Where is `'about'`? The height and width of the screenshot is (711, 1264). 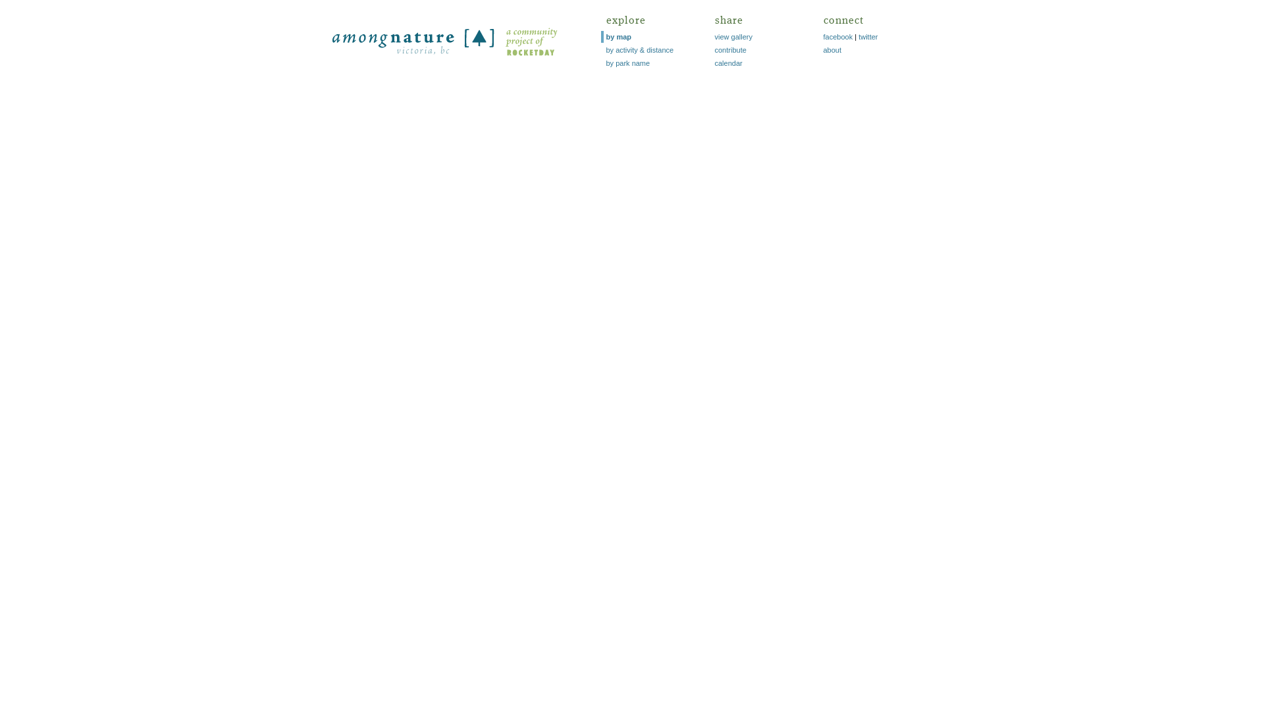
'about' is located at coordinates (831, 49).